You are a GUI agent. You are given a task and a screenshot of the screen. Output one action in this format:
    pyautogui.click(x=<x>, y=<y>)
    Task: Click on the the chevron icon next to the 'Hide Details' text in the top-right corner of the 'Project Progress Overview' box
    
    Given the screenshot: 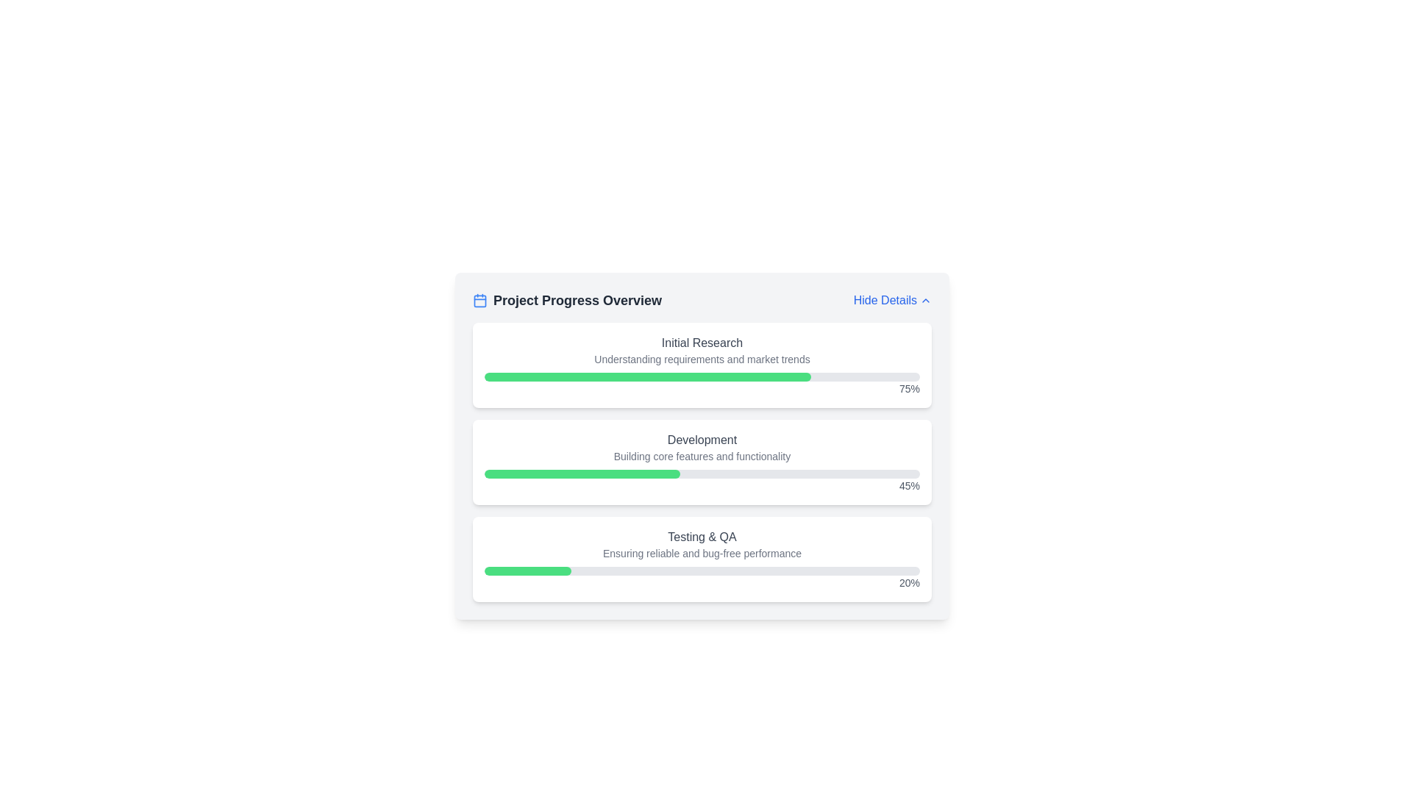 What is the action you would take?
    pyautogui.click(x=924, y=299)
    